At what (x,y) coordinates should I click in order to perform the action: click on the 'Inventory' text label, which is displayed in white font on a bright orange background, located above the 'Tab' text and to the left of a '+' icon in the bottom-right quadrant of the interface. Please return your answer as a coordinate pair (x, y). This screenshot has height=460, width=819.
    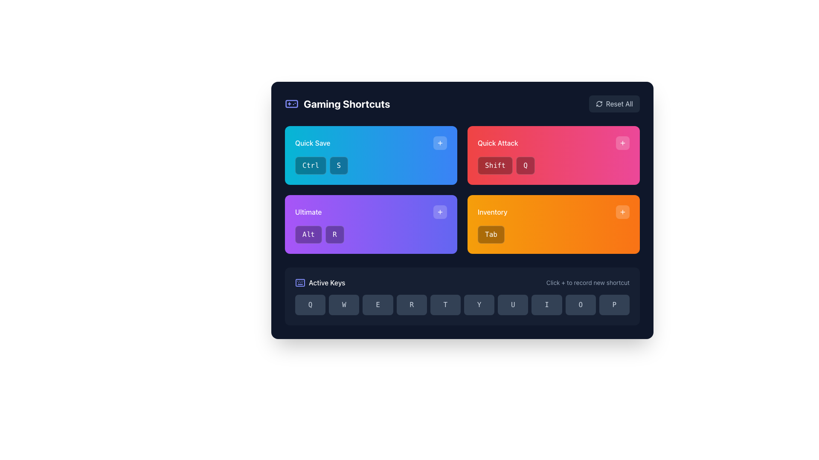
    Looking at the image, I should click on (492, 211).